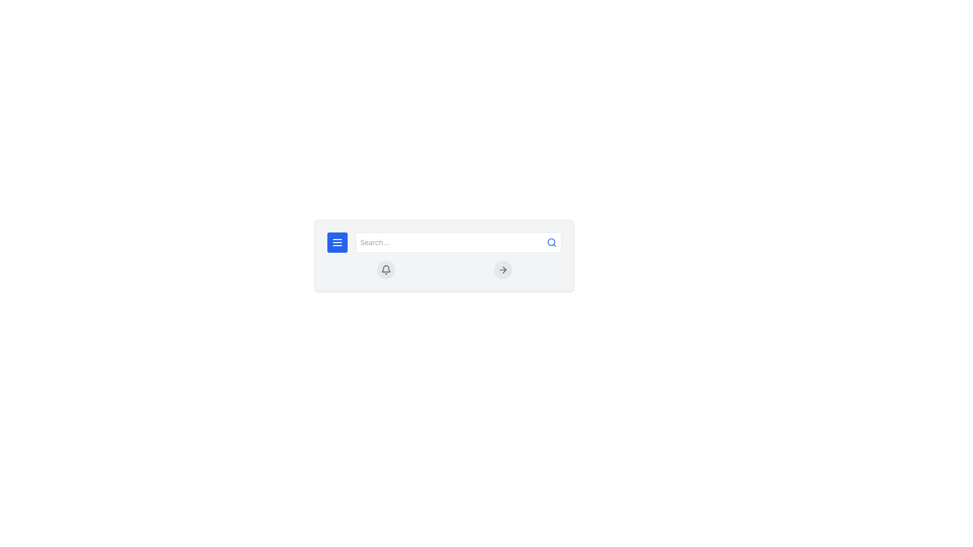  What do you see at coordinates (551, 242) in the screenshot?
I see `the blue search icon, styled as a magnifying glass, located at the far-right end of the search bar` at bounding box center [551, 242].